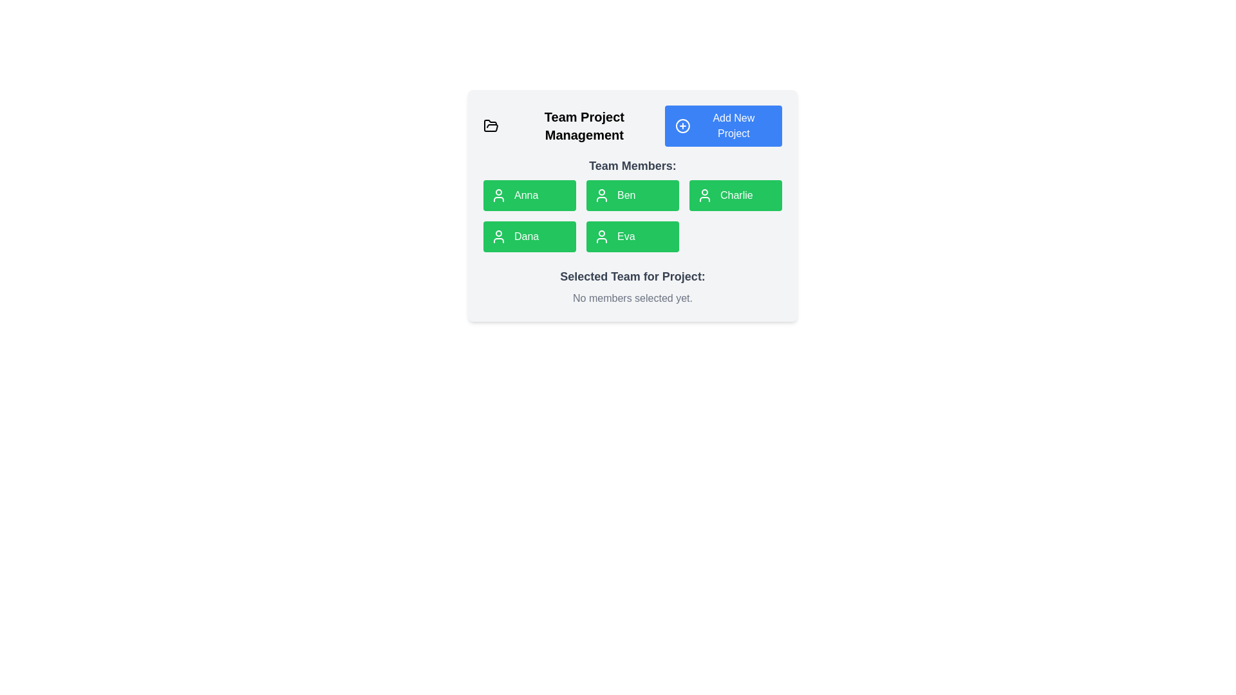 The height and width of the screenshot is (695, 1236). I want to click on the static text header that indicates the team members section, positioned above the clickable buttons, so click(633, 165).